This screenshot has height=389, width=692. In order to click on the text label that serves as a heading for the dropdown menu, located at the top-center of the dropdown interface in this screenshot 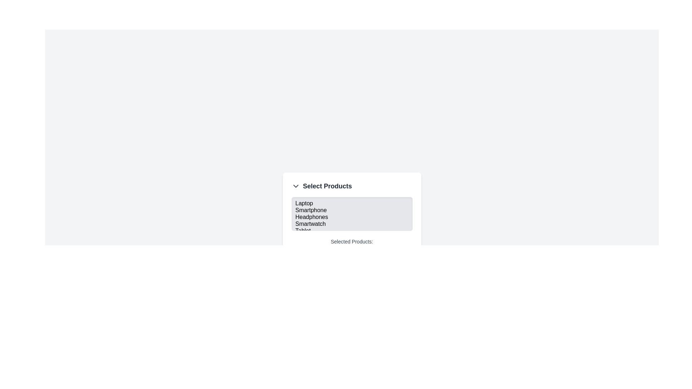, I will do `click(327, 185)`.